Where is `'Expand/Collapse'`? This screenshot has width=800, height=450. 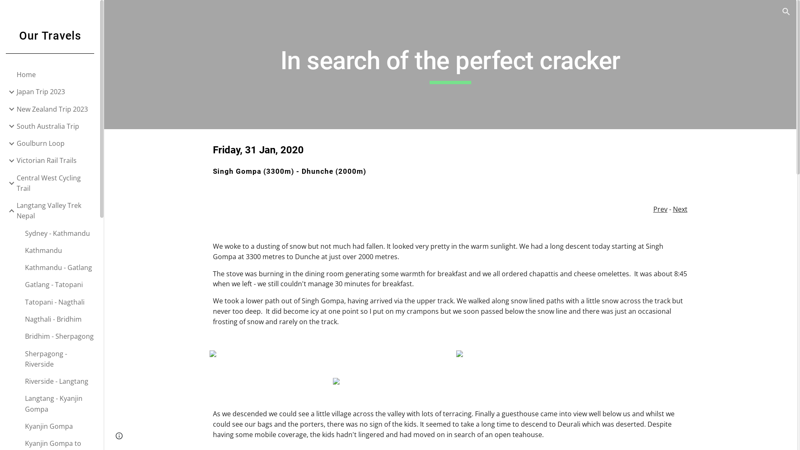
'Expand/Collapse' is located at coordinates (2, 182).